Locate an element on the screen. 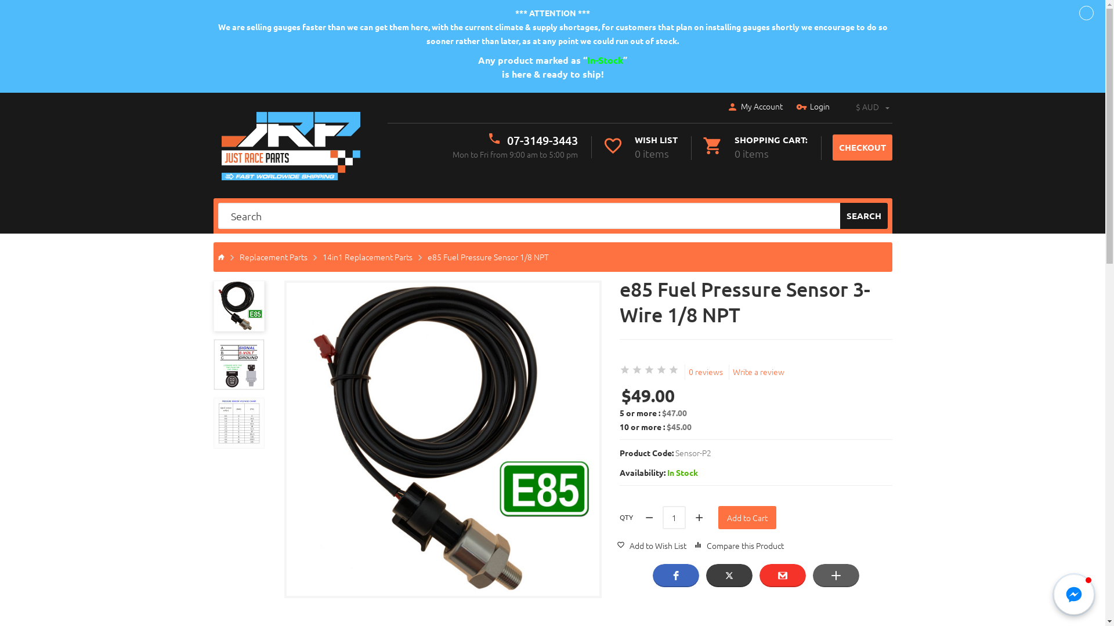 This screenshot has height=626, width=1114. 'WISH LIST is located at coordinates (639, 147).